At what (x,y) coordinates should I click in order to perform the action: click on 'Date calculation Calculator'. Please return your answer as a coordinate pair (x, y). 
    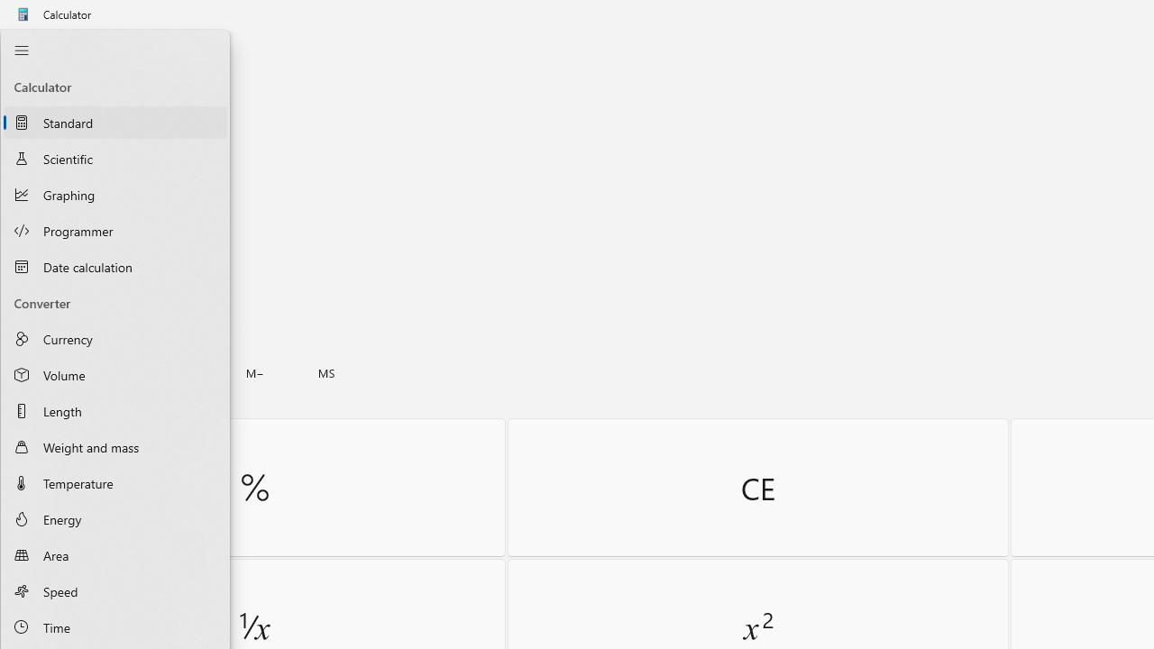
    Looking at the image, I should click on (114, 266).